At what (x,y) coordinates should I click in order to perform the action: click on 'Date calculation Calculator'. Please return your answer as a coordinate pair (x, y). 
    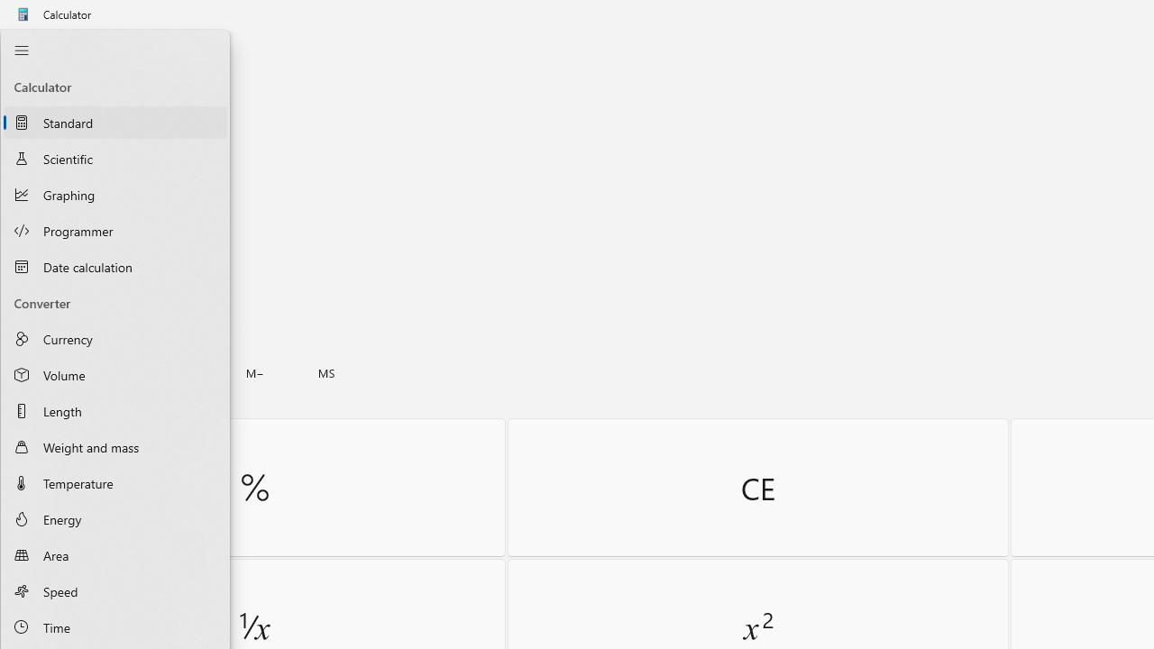
    Looking at the image, I should click on (114, 266).